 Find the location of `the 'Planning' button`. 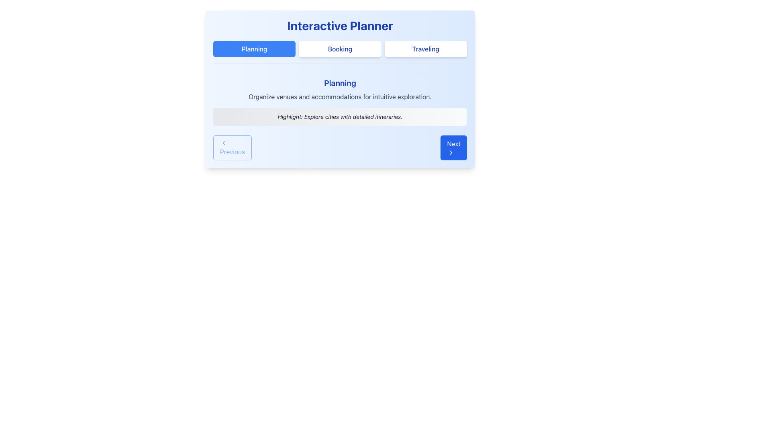

the 'Planning' button is located at coordinates (254, 49).